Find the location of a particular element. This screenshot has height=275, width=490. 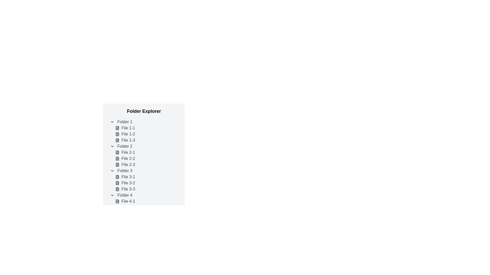

the file entry labeled 'File 1-3', which is the third item under 'Folder 1' is located at coordinates (148, 140).